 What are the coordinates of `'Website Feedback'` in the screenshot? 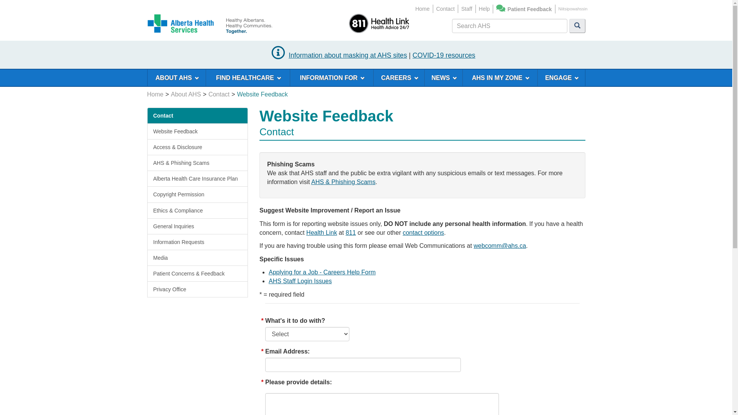 It's located at (147, 131).